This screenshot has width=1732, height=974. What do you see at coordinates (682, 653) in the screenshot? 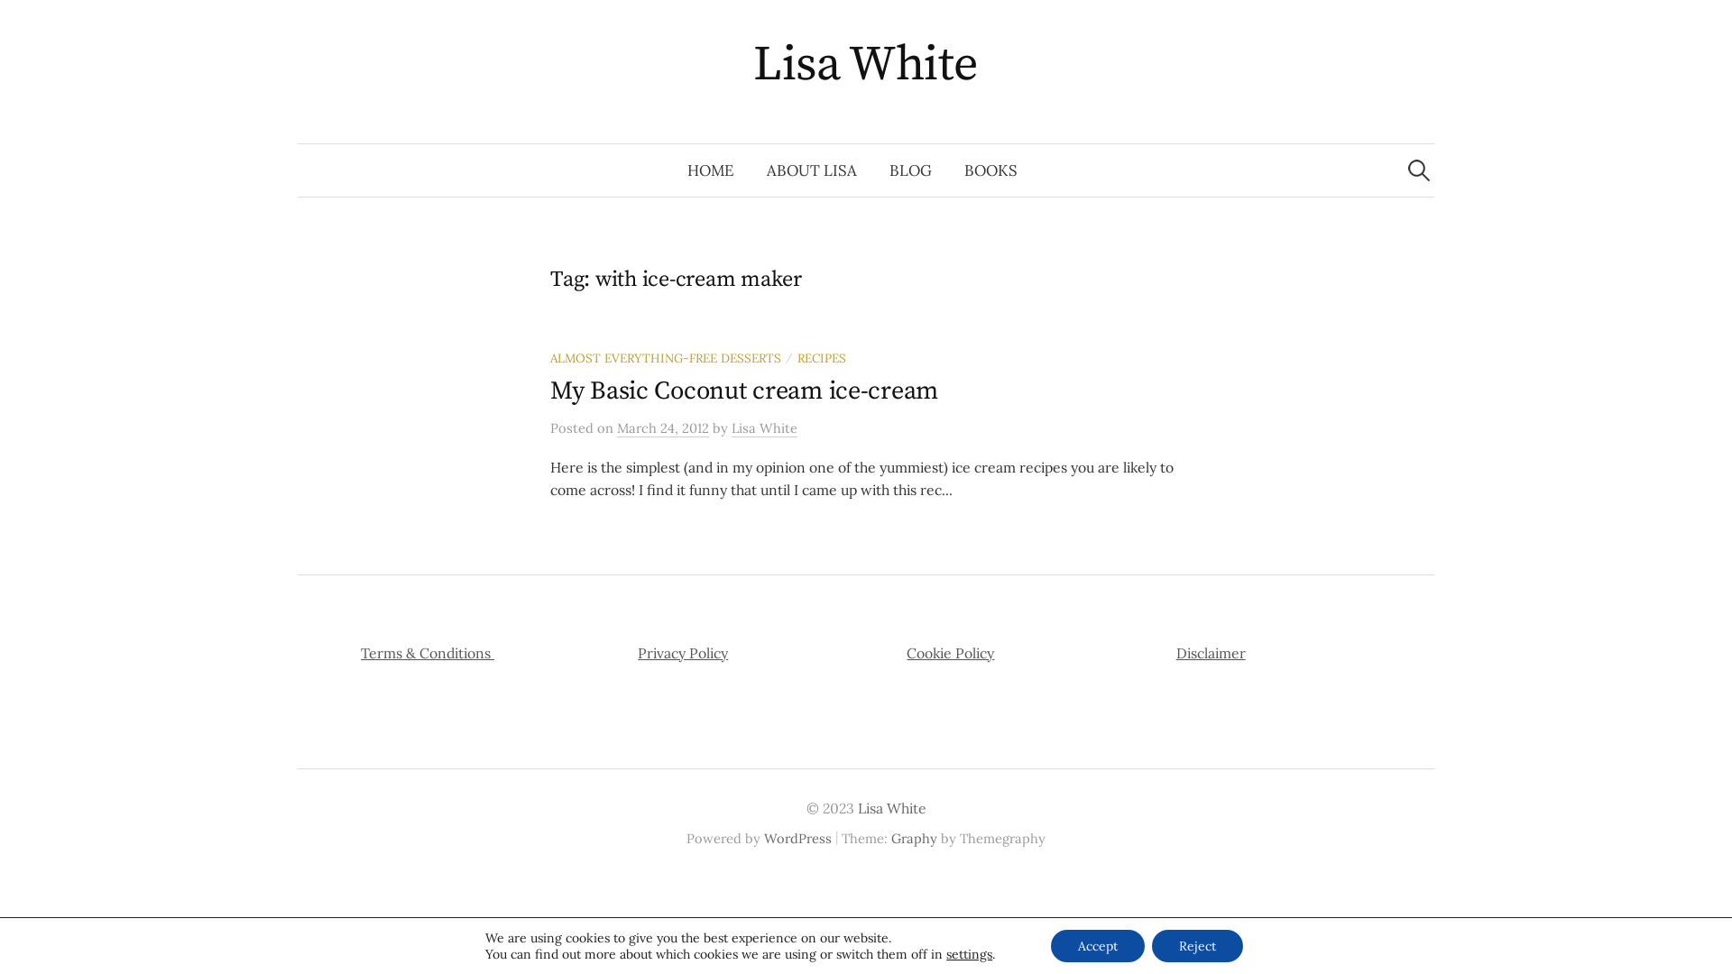
I see `'Privacy Policy'` at bounding box center [682, 653].